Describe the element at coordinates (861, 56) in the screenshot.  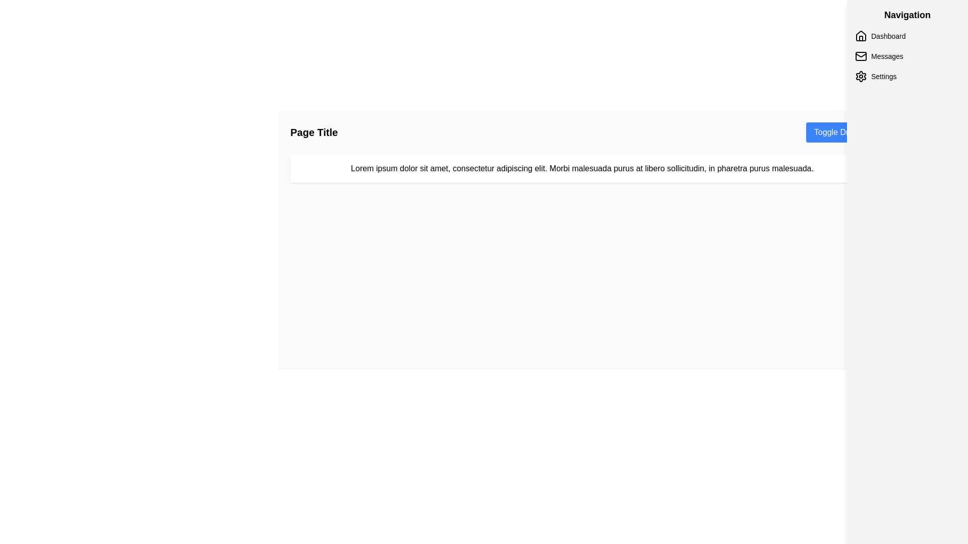
I see `the envelope-shaped vector graphic icon representing messages in the navigation menu, located between 'Dashboard' and 'Settings'` at that location.